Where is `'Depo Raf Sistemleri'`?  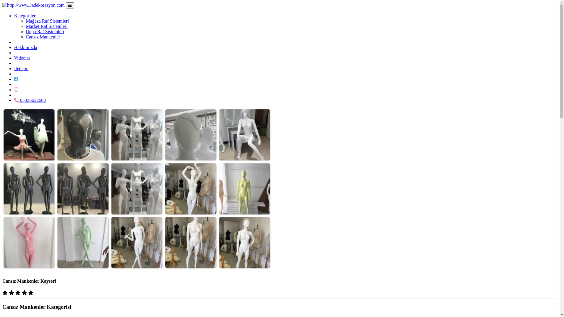
'Depo Raf Sistemleri' is located at coordinates (25, 31).